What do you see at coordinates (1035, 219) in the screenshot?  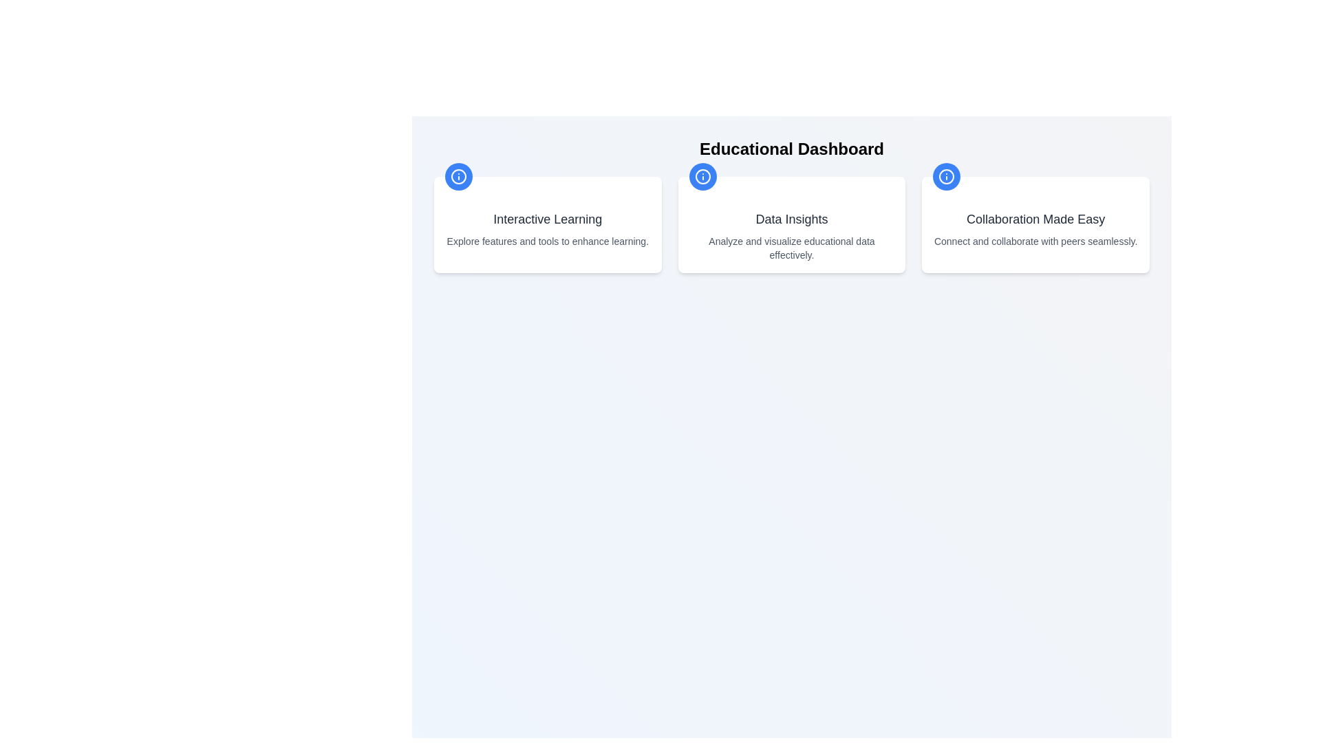 I see `the heading text label located in the third card of the row, which serves as the main title for that card` at bounding box center [1035, 219].